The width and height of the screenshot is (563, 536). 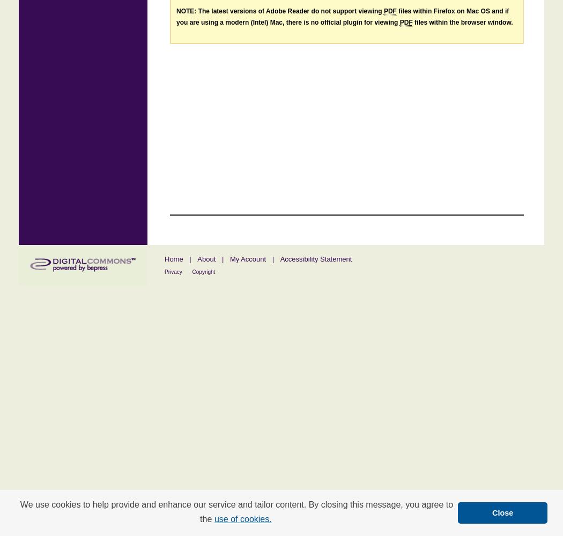 What do you see at coordinates (279, 258) in the screenshot?
I see `'Accessibility Statement'` at bounding box center [279, 258].